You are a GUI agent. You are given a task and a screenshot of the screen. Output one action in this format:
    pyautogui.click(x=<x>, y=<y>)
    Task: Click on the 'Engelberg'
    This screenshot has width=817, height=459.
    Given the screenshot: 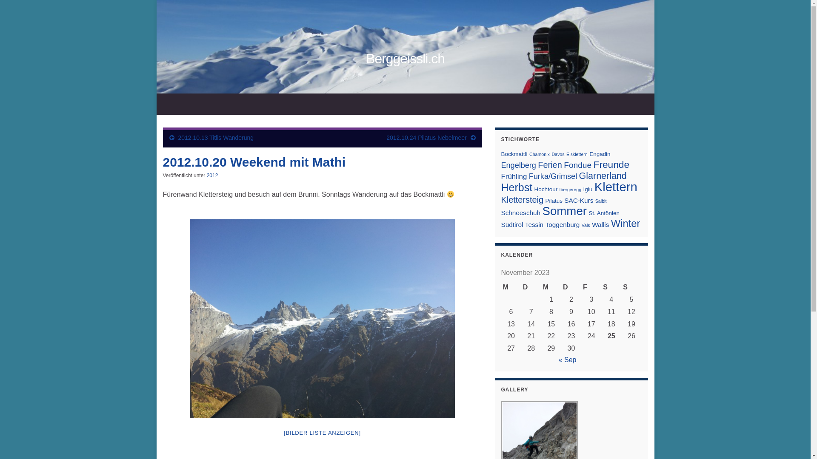 What is the action you would take?
    pyautogui.click(x=501, y=165)
    